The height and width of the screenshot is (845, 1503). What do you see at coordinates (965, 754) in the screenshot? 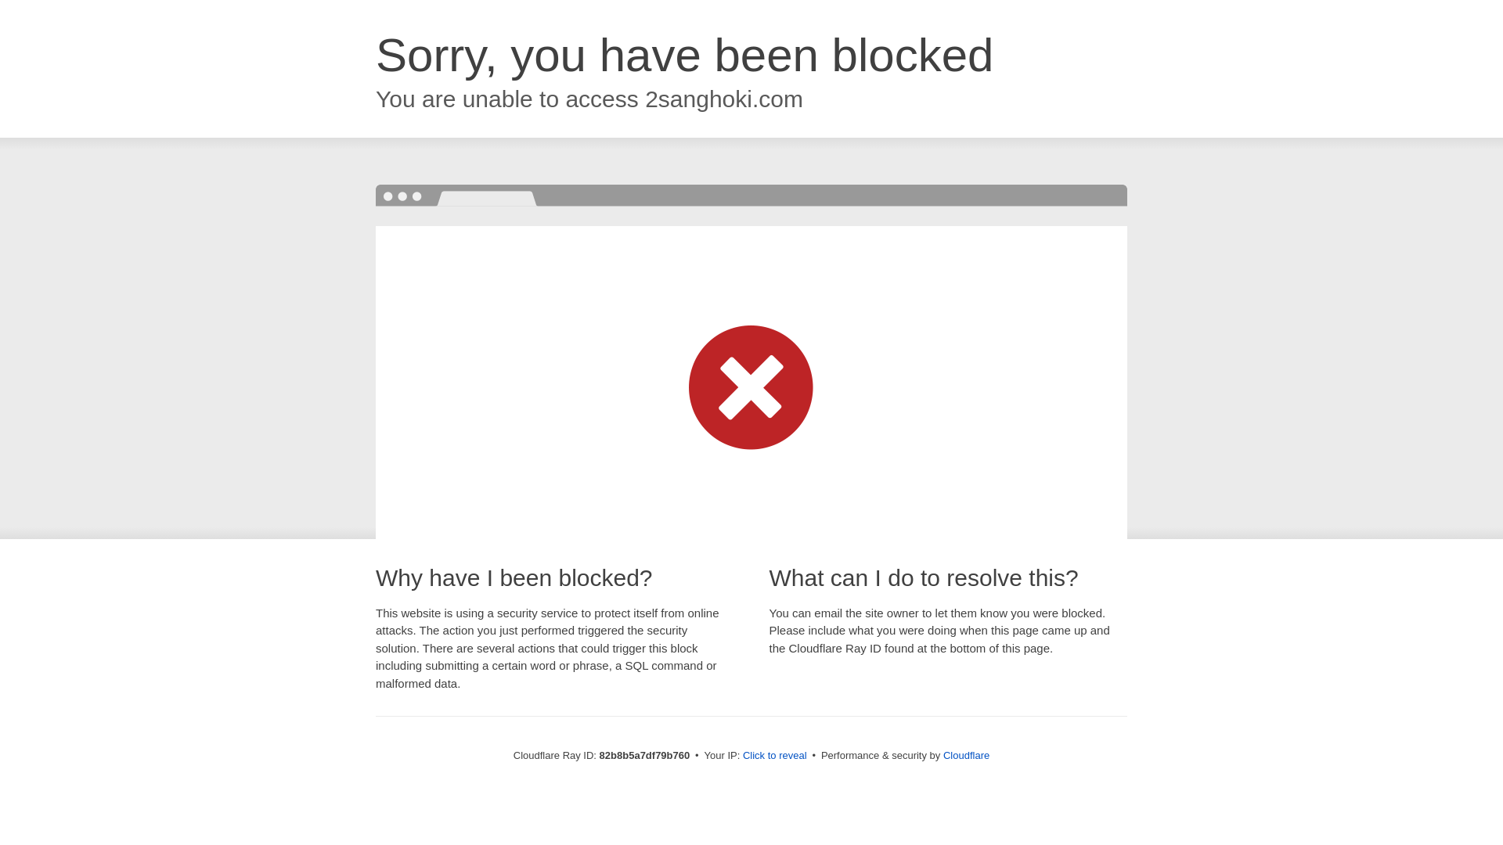
I see `'Cloudflare'` at bounding box center [965, 754].